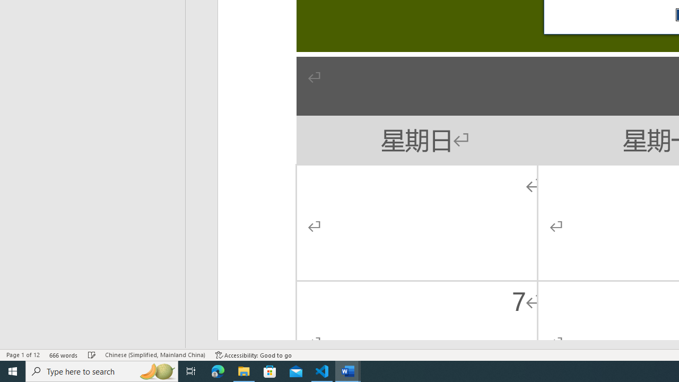 This screenshot has width=679, height=382. What do you see at coordinates (253, 355) in the screenshot?
I see `'Accessibility Checker Accessibility: Good to go'` at bounding box center [253, 355].